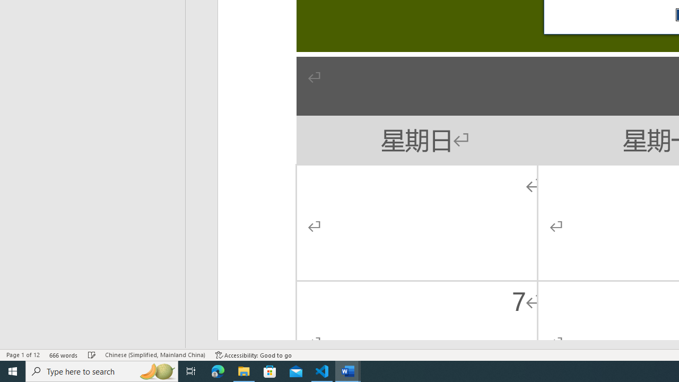 This screenshot has width=679, height=382. What do you see at coordinates (253, 355) in the screenshot?
I see `'Accessibility Checker Accessibility: Good to go'` at bounding box center [253, 355].